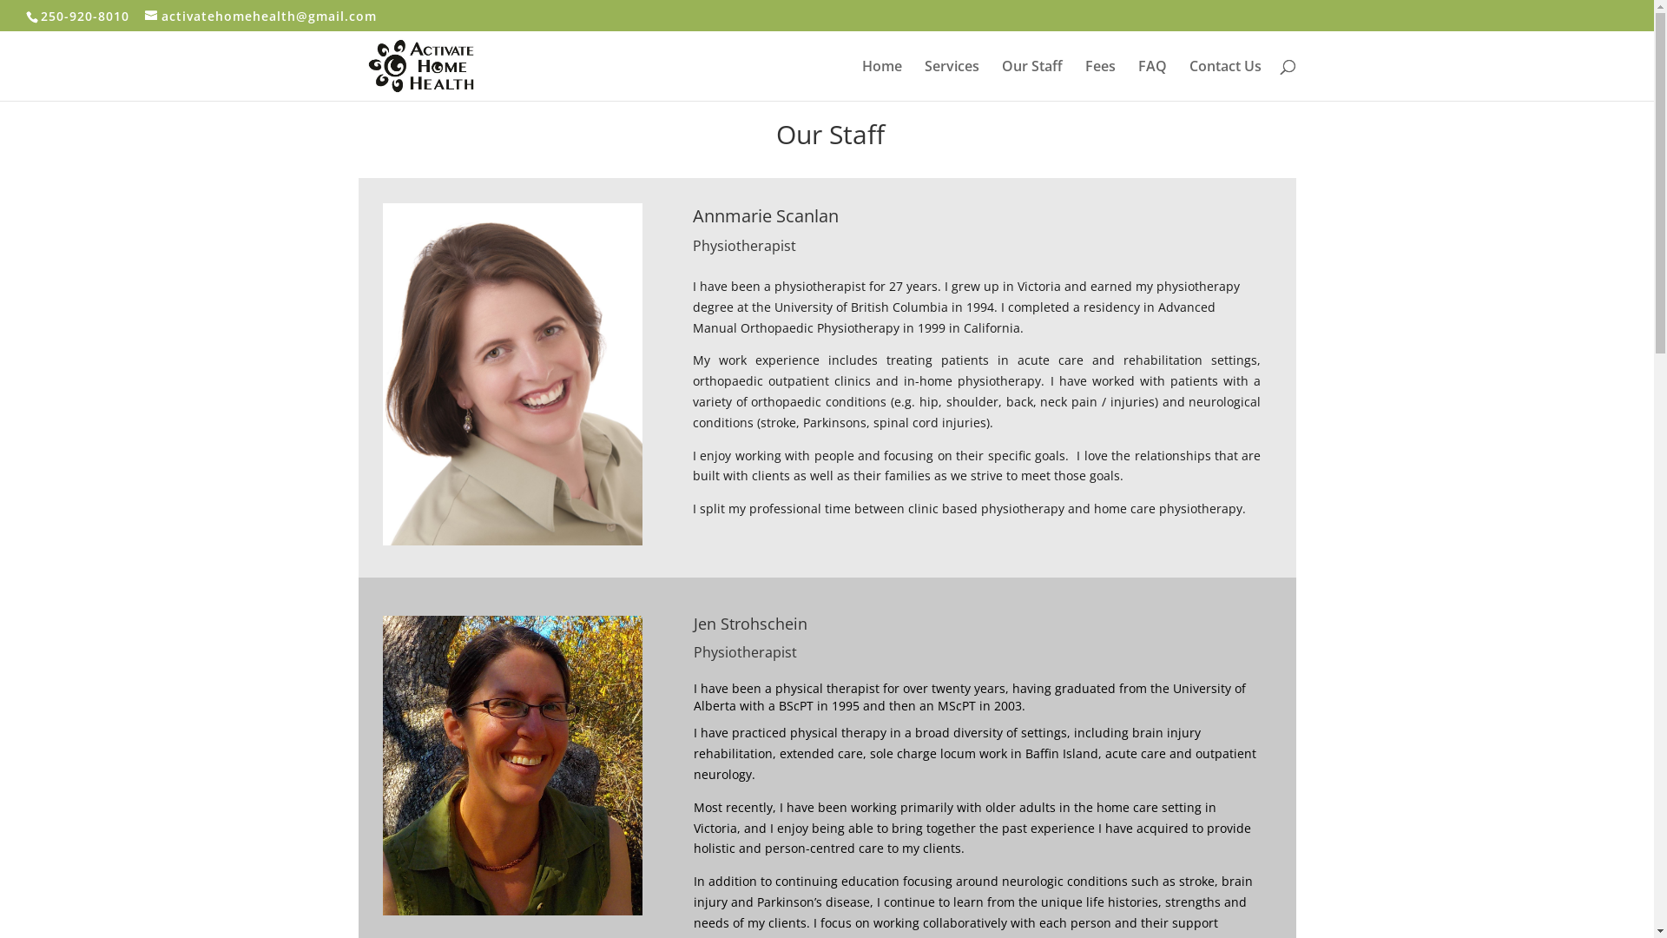  I want to click on 'Services', so click(923, 80).